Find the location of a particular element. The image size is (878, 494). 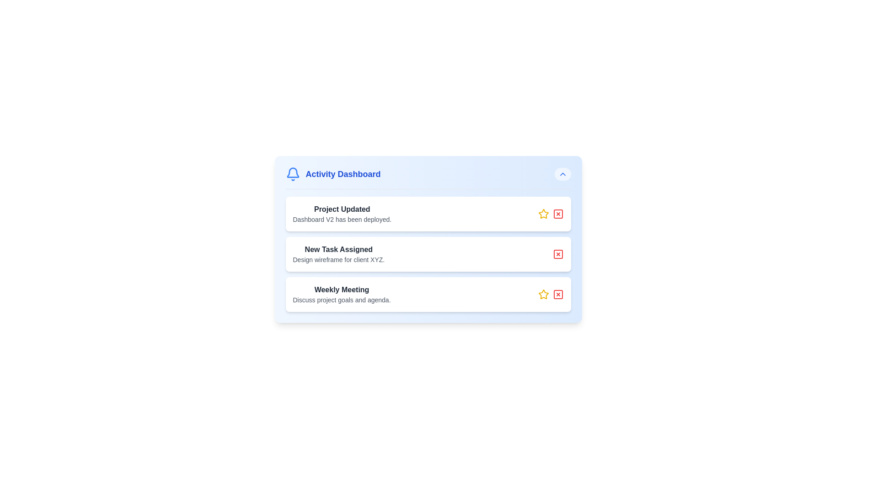

the Text Block that serves as a notification or status update about a project deployment, located under the 'Activity Dashboard' header is located at coordinates (342, 214).